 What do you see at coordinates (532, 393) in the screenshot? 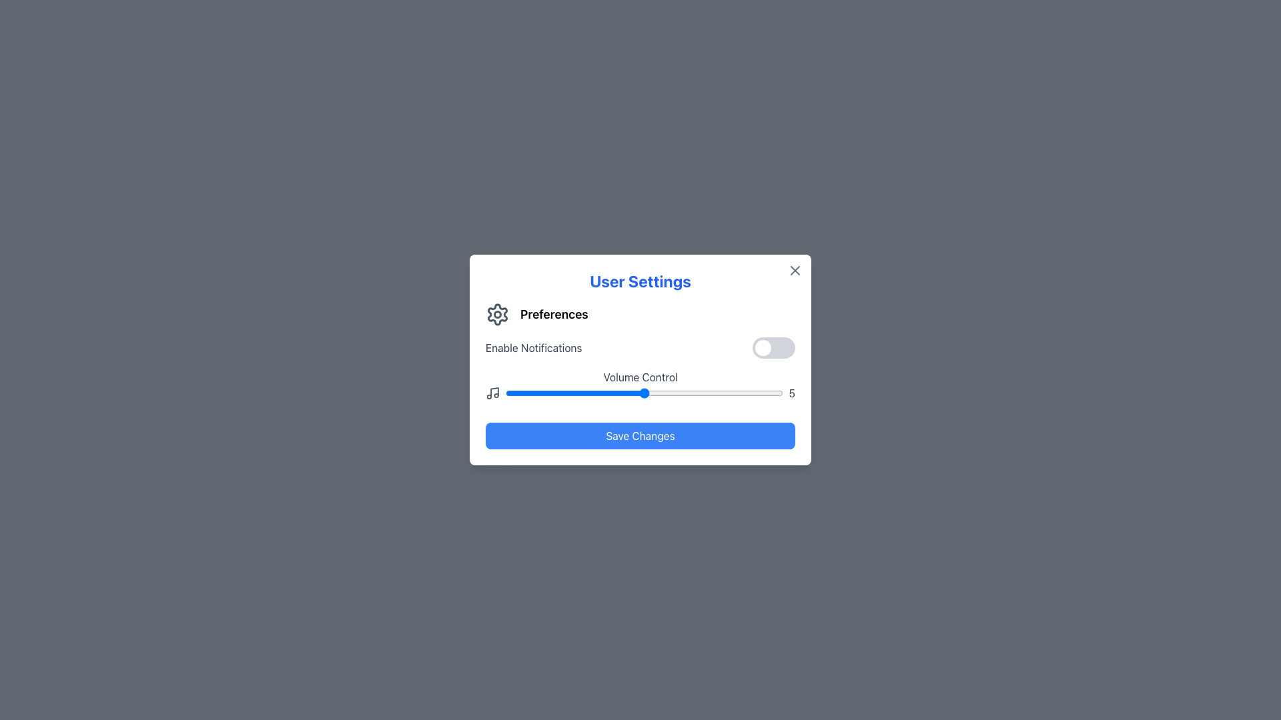
I see `the volume` at bounding box center [532, 393].